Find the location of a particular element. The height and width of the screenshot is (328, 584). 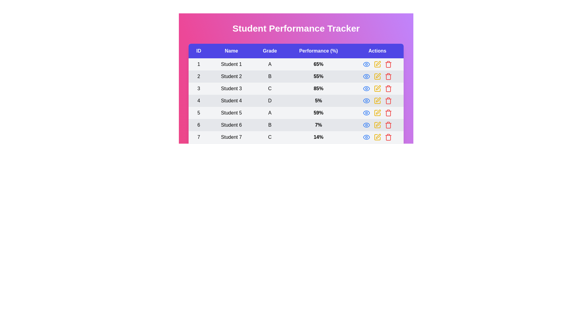

'eye' icon in the 'Actions' column for the student with ID 3 is located at coordinates (366, 89).